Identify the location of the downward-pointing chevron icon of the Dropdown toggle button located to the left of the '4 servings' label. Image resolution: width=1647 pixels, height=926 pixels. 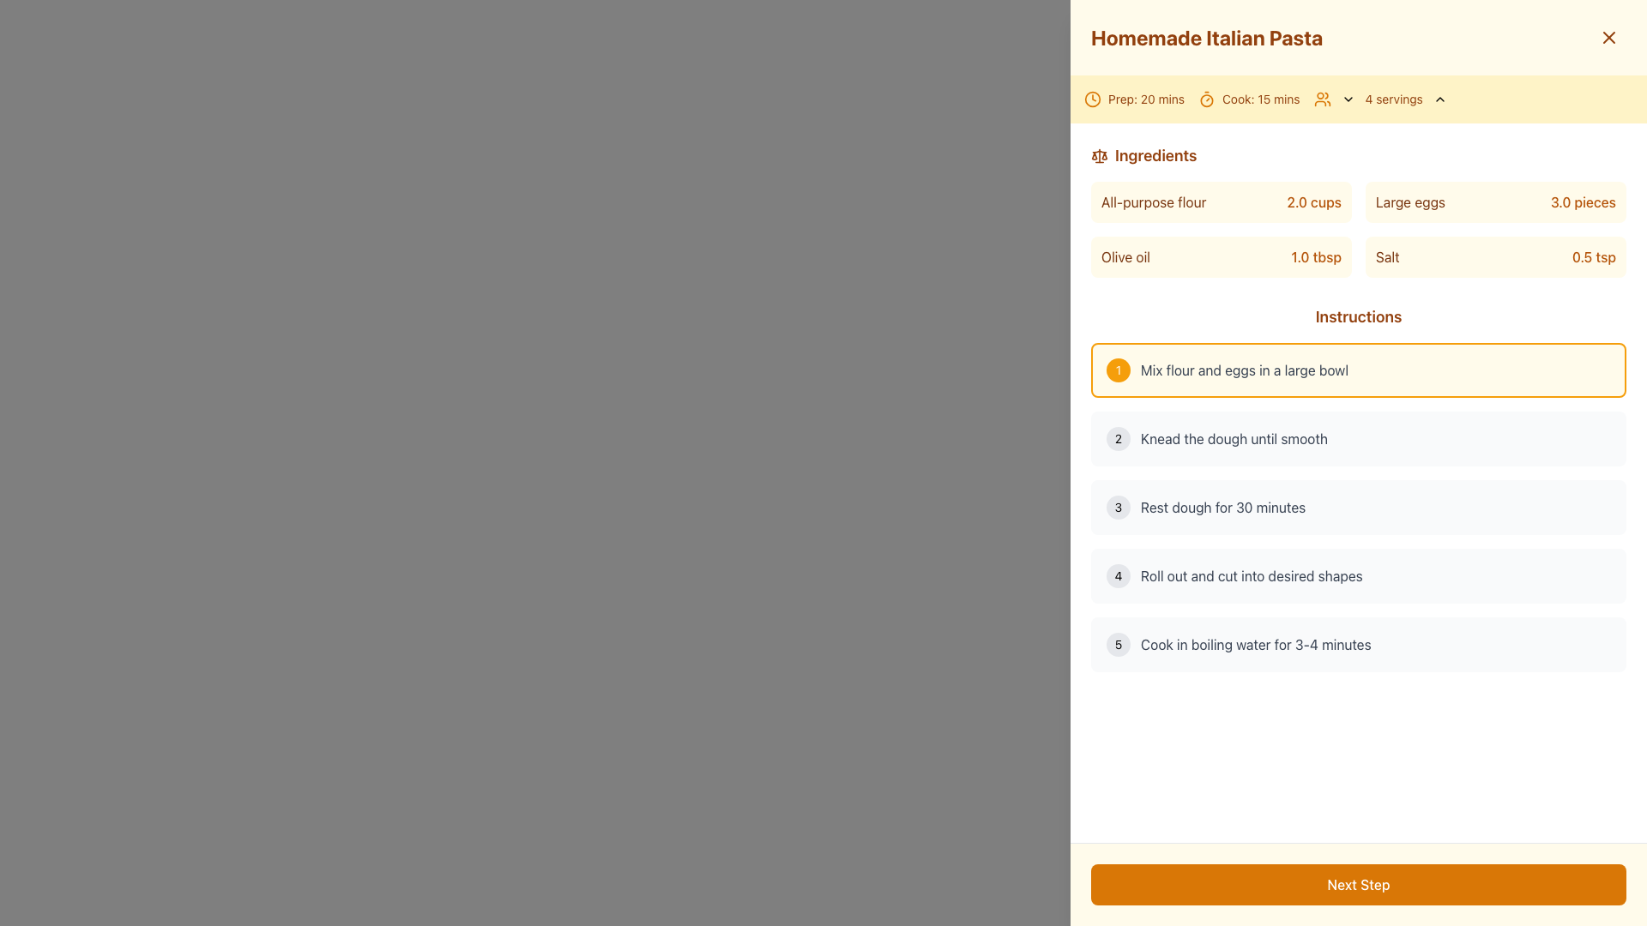
(1347, 99).